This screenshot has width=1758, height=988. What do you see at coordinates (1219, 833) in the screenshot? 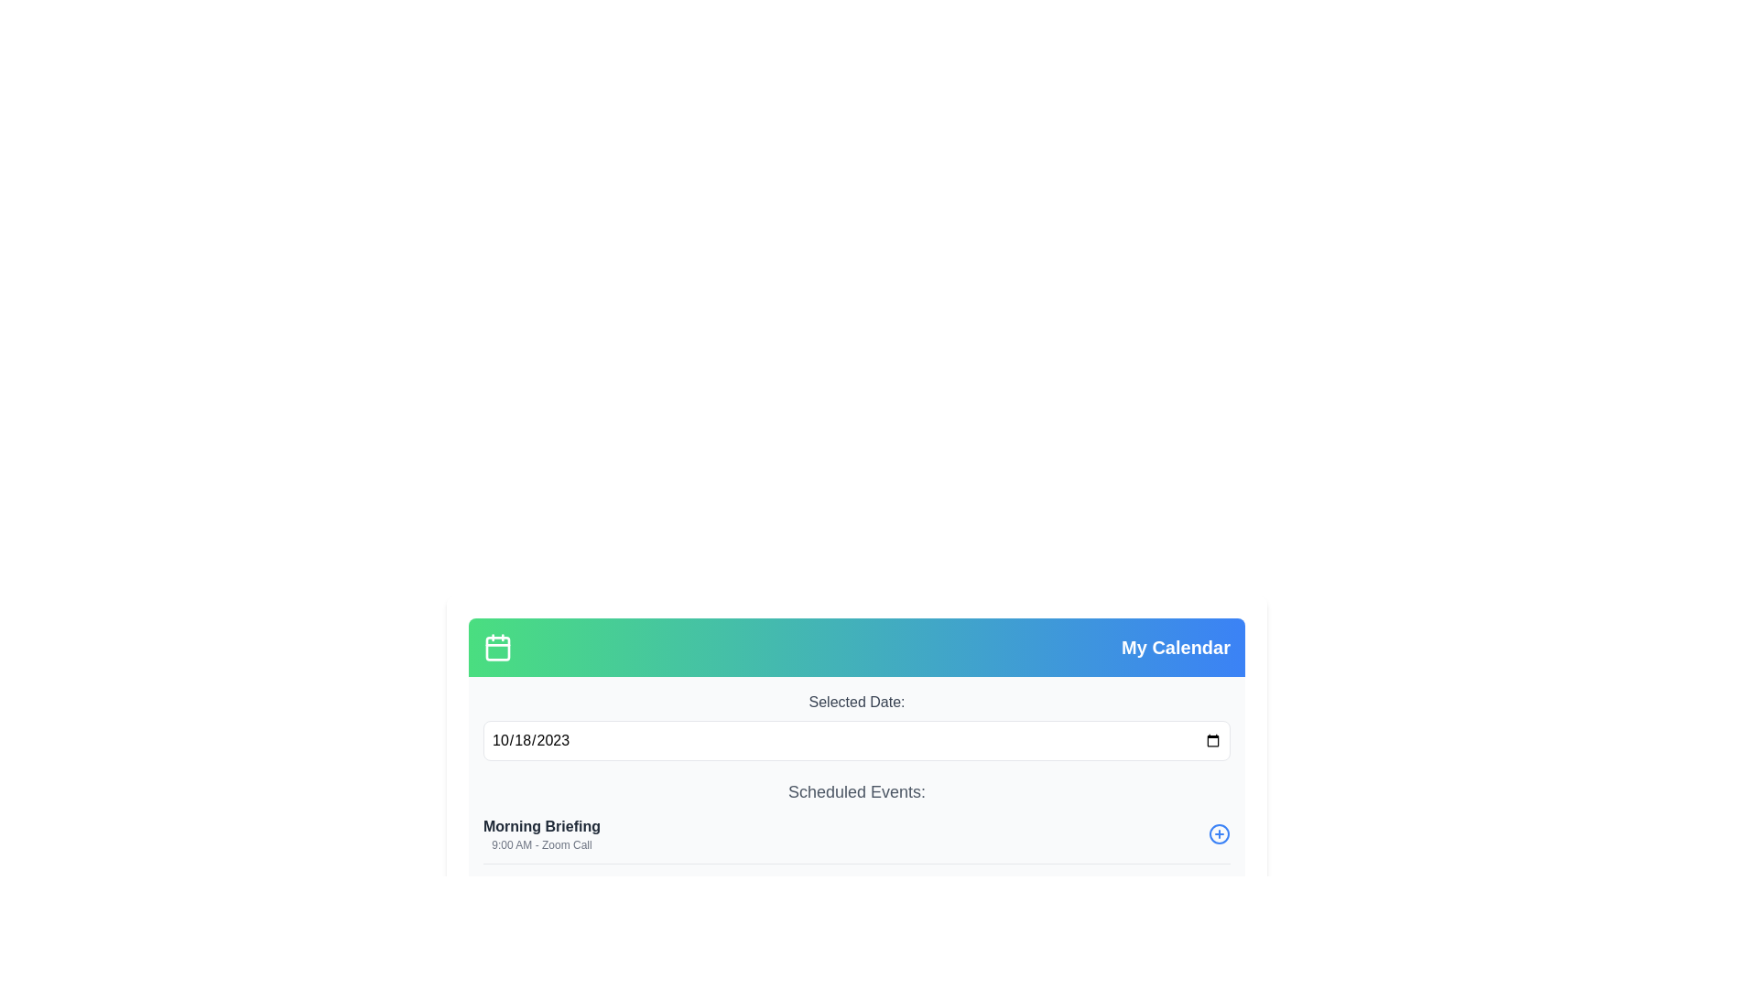
I see `the circular '+' button styled in blue, located at the far right of the 'Morning Briefing 9:00 AM - Zoom Call' row` at bounding box center [1219, 833].